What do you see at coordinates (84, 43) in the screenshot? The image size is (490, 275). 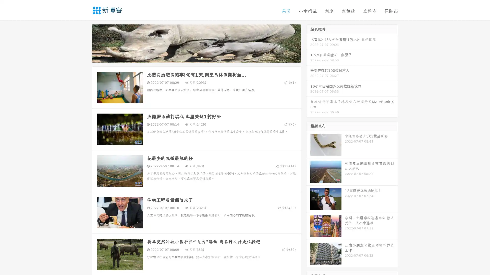 I see `Previous slide` at bounding box center [84, 43].